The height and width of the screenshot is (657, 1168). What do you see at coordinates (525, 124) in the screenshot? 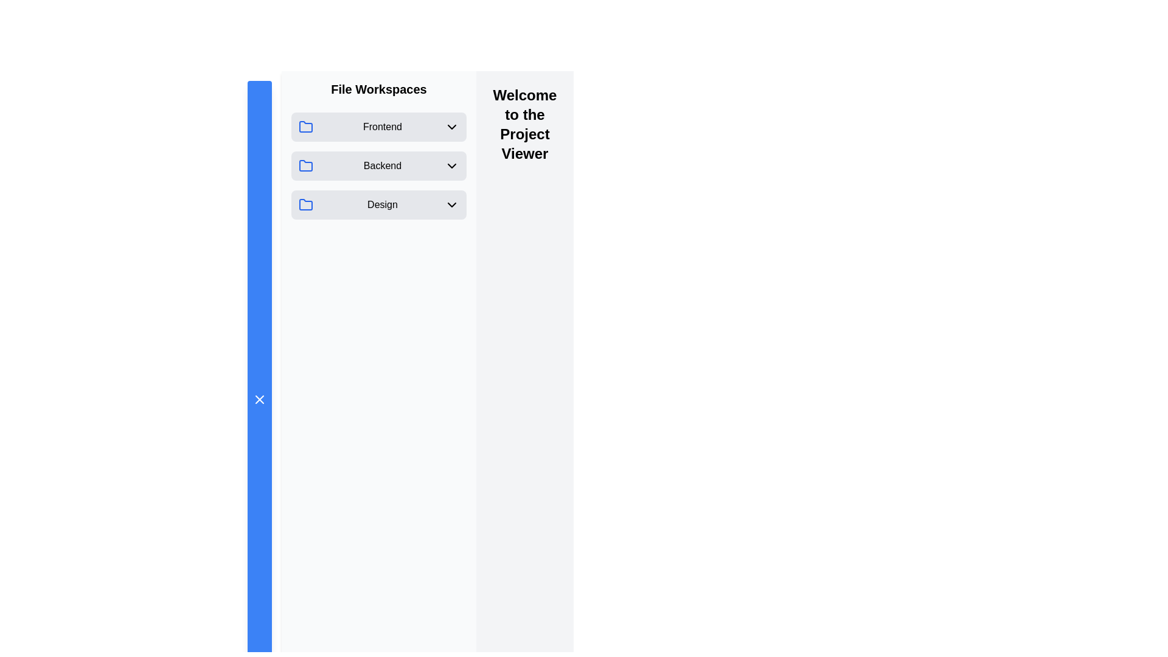
I see `text from the Text block displaying 'Welcome to the Project Viewer', which is styled with a bold large font size and located prominently on the right side of the layout` at bounding box center [525, 124].